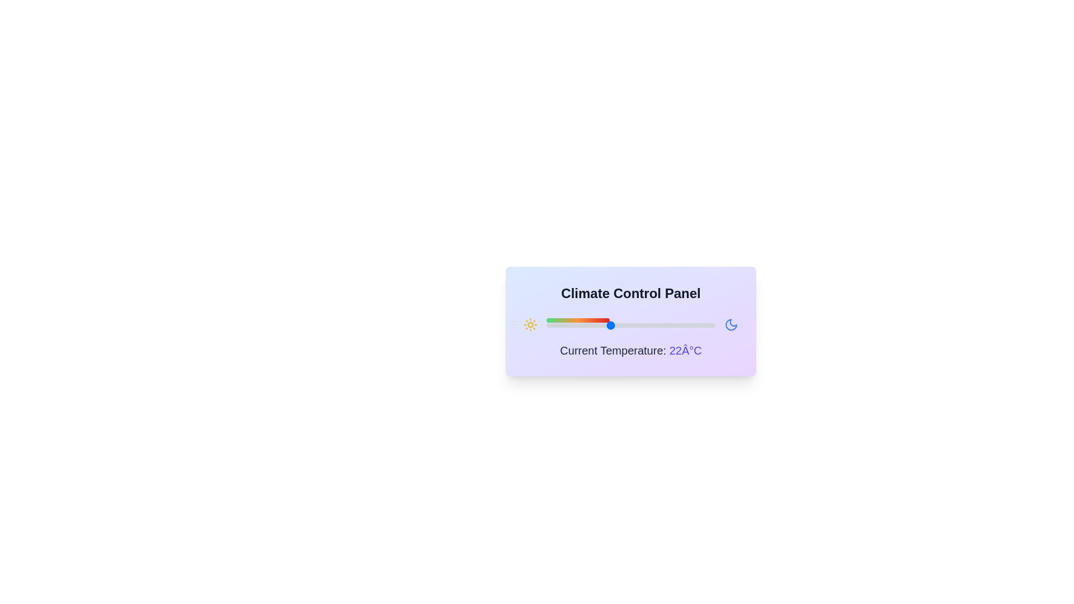 The image size is (1074, 604). What do you see at coordinates (652, 325) in the screenshot?
I see `the climate control temperature` at bounding box center [652, 325].